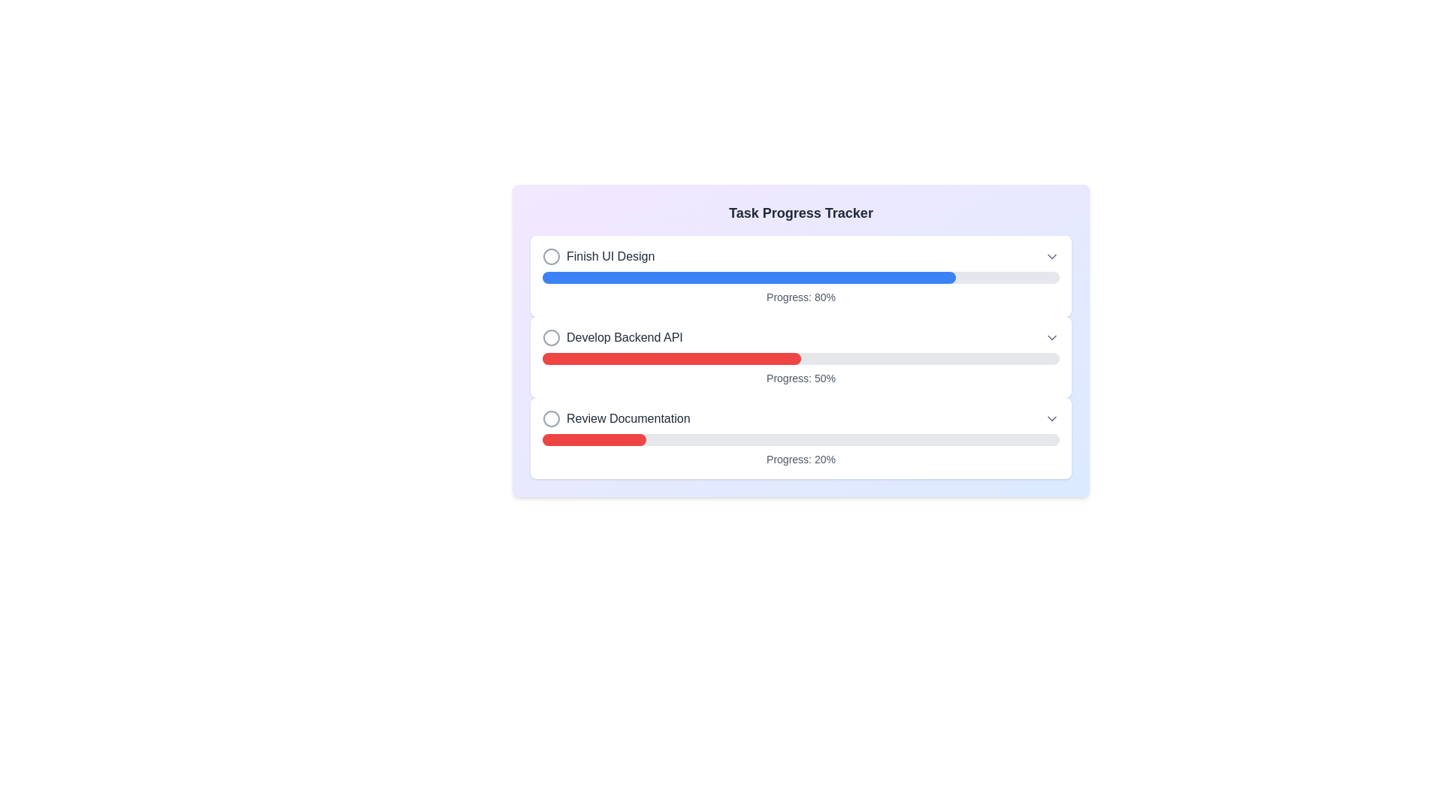 The width and height of the screenshot is (1443, 811). I want to click on the circular icon located on the left side of the 'Develop Backend API' task row, which serves as a task status indicator, so click(551, 338).